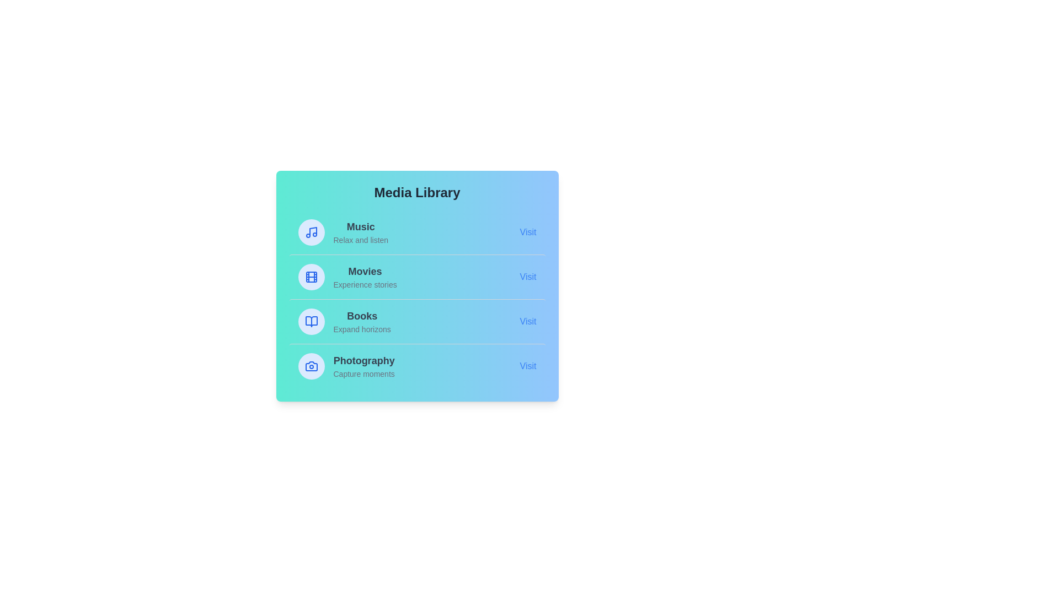 Image resolution: width=1059 pixels, height=595 pixels. Describe the element at coordinates (527, 276) in the screenshot. I see `the 'Visit' link for Movies` at that location.